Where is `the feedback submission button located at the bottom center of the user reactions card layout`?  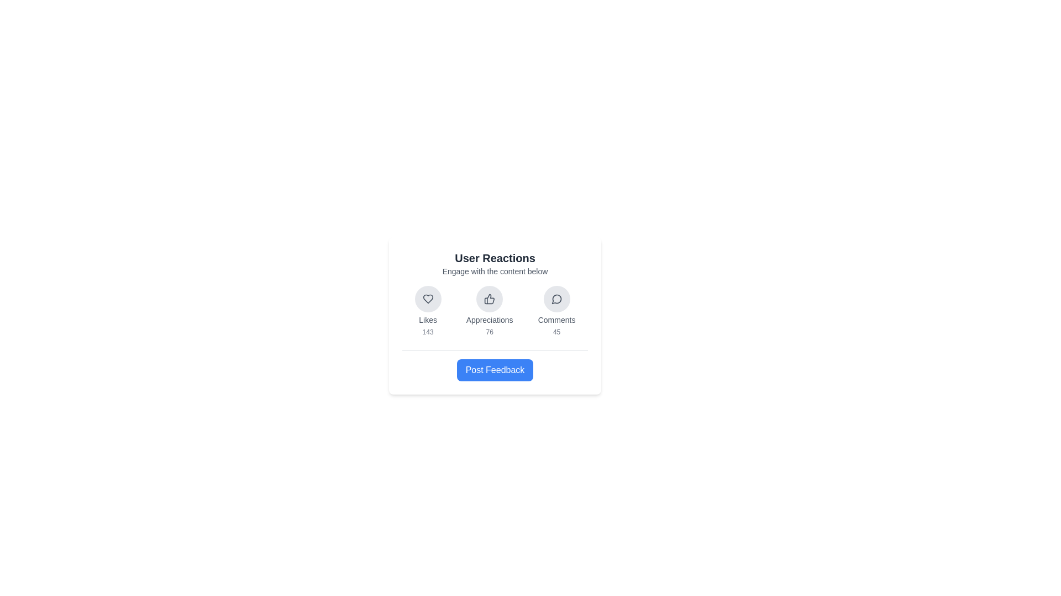 the feedback submission button located at the bottom center of the user reactions card layout is located at coordinates (495, 370).